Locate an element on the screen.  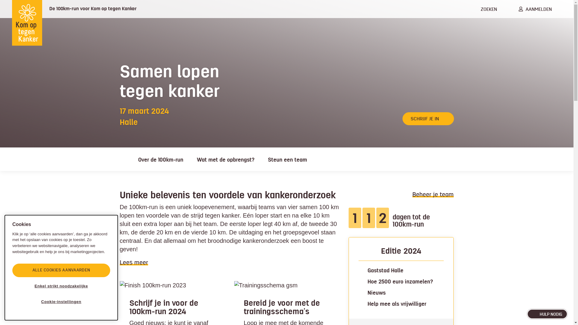
'Steun een team' is located at coordinates (287, 159).